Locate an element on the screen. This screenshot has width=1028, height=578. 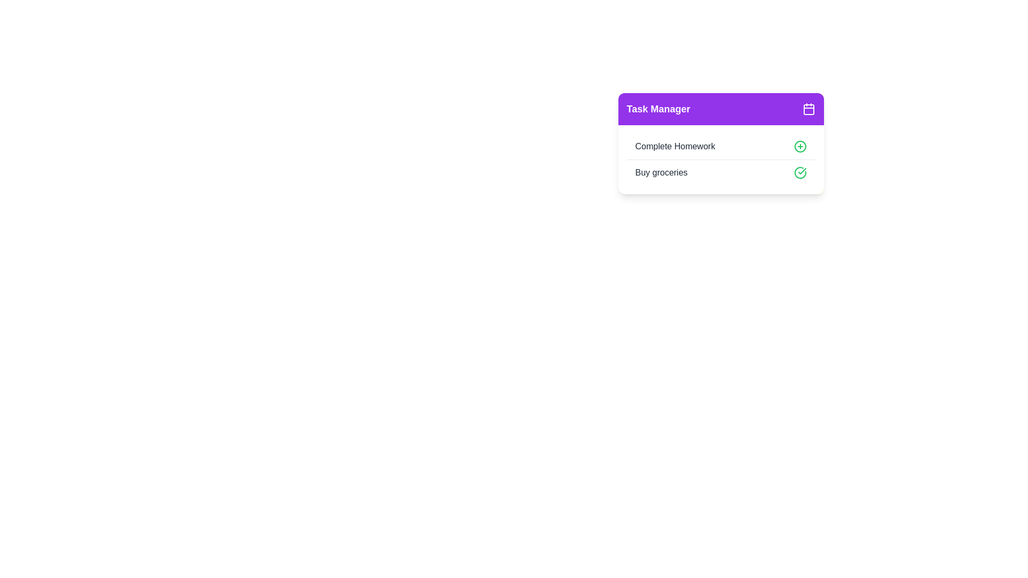
the text label that reads 'Buy groceries' is located at coordinates (661, 172).